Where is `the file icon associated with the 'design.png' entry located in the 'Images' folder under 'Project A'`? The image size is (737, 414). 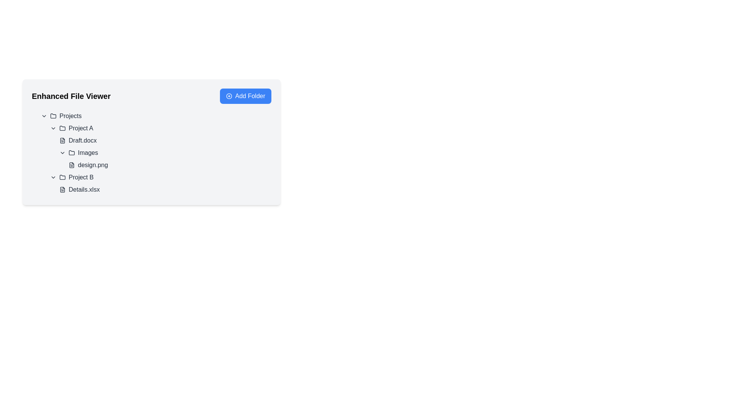
the file icon associated with the 'design.png' entry located in the 'Images' folder under 'Project A' is located at coordinates (72, 165).